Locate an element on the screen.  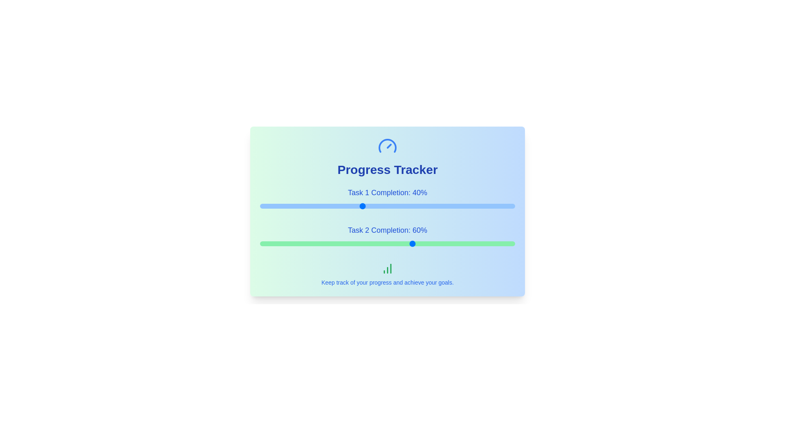
the graphical icon resembling a green bar chart that symbolizes progress, located beneath the progress bars for tasks is located at coordinates (387, 269).